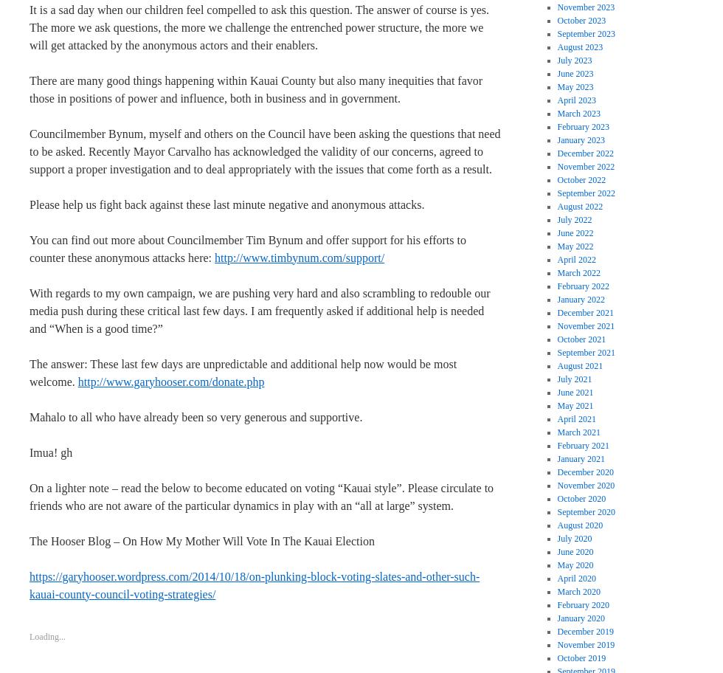 The image size is (723, 673). Describe the element at coordinates (581, 339) in the screenshot. I see `'October 2021'` at that location.